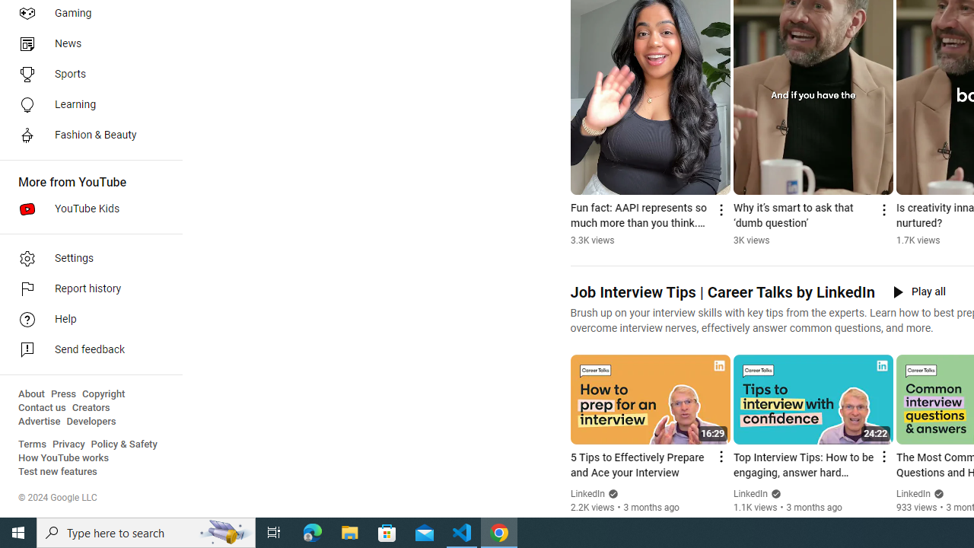  Describe the element at coordinates (42, 407) in the screenshot. I see `'Contact us'` at that location.